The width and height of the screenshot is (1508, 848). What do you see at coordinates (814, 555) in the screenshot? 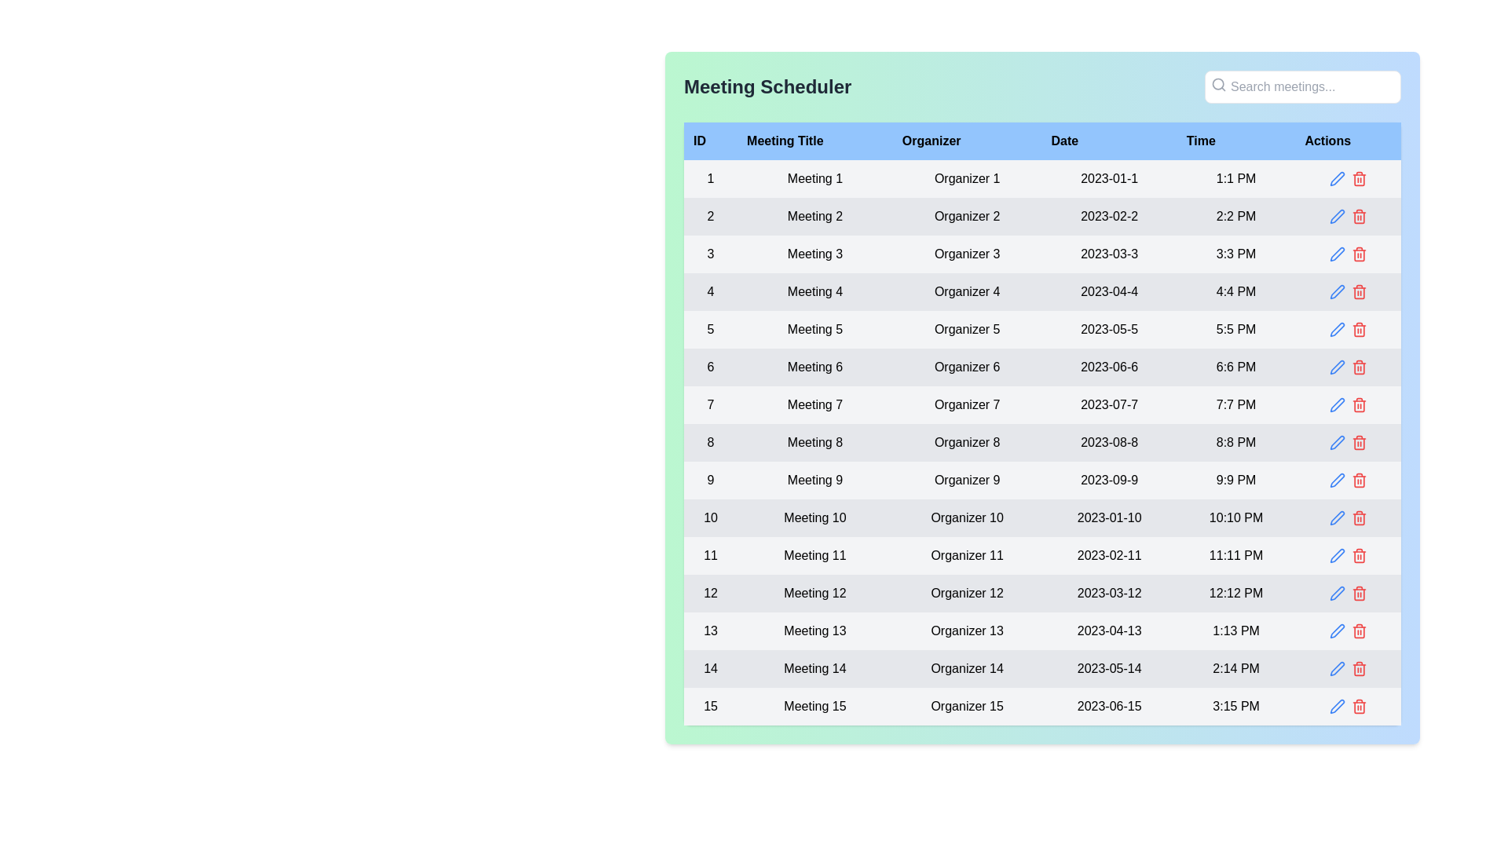
I see `the text label displaying 'Meeting 11', which is located in the 'Meeting Title' column of the 11th row in the table` at bounding box center [814, 555].